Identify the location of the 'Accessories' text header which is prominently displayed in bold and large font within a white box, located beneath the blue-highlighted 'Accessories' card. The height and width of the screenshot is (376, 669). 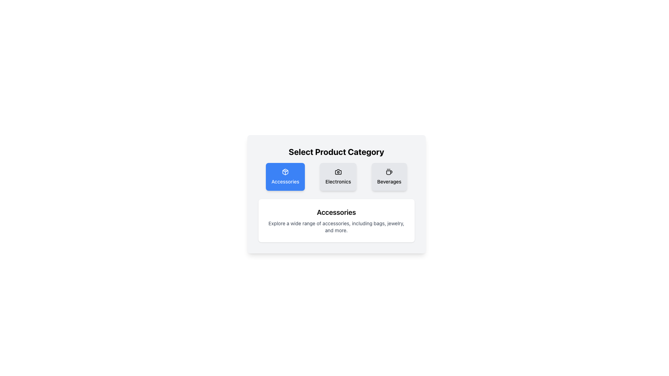
(336, 212).